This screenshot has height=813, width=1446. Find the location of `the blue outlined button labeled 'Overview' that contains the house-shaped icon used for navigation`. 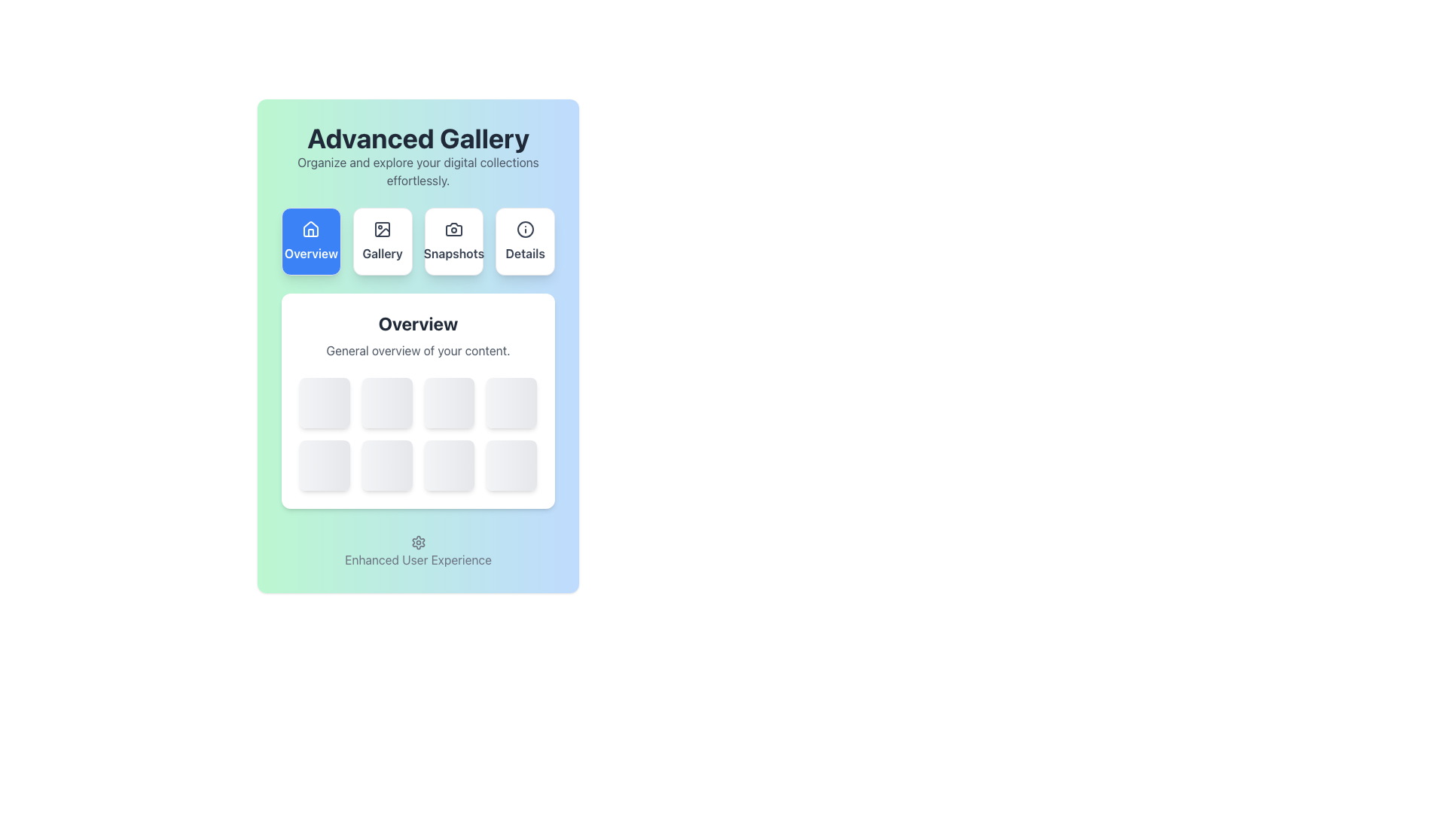

the blue outlined button labeled 'Overview' that contains the house-shaped icon used for navigation is located at coordinates (310, 229).